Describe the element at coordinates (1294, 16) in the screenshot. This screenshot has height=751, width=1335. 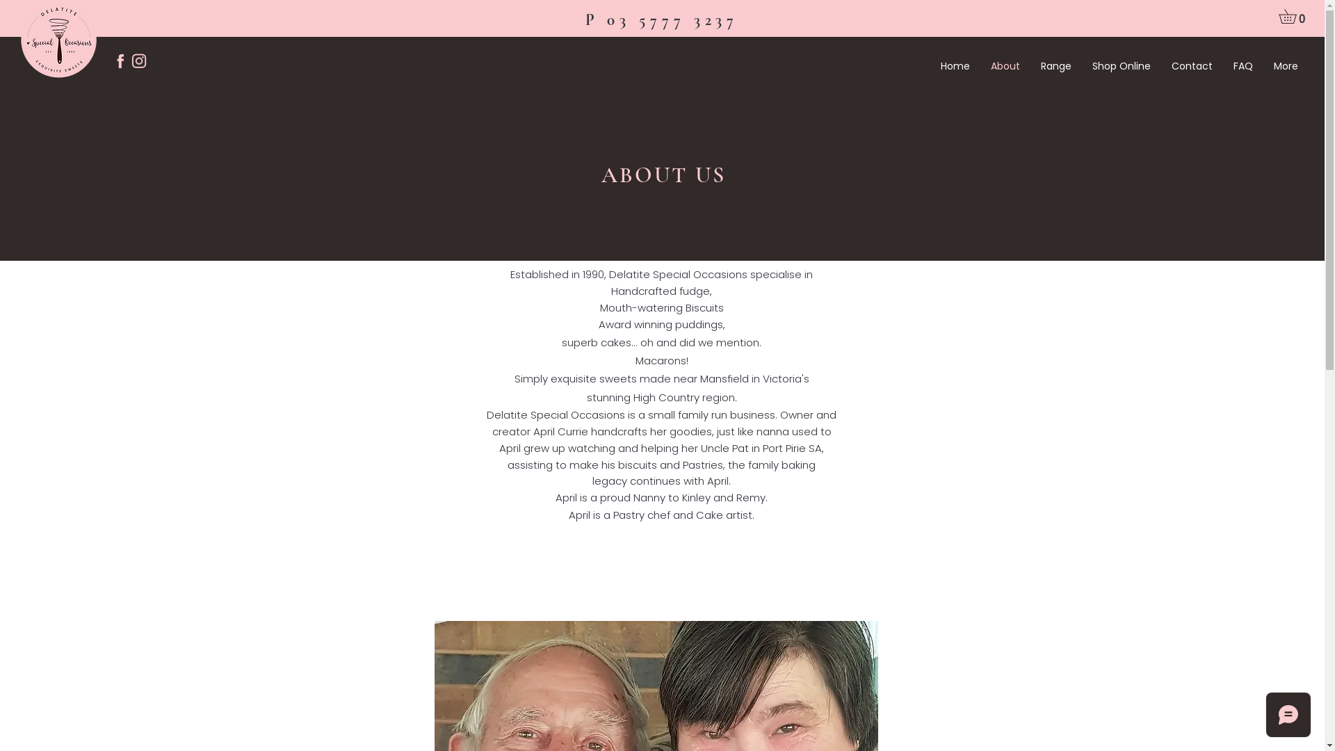
I see `'0'` at that location.